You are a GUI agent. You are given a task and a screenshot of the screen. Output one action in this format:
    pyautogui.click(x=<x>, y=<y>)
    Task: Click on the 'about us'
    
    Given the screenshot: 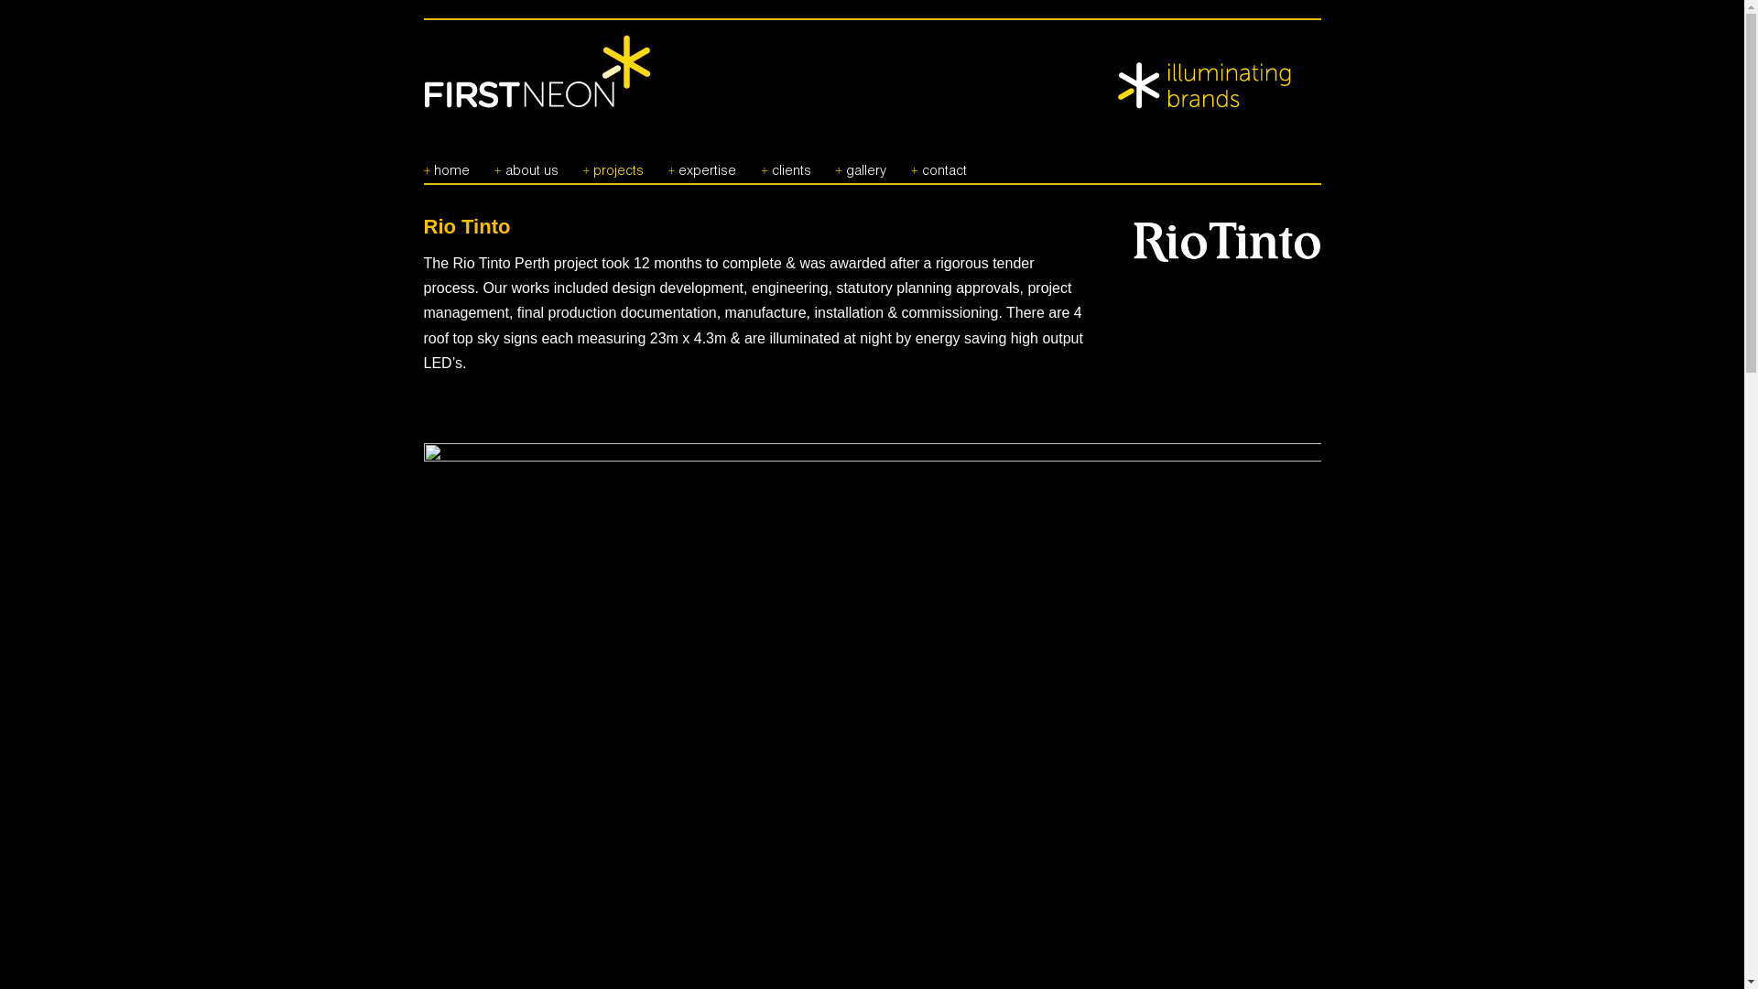 What is the action you would take?
    pyautogui.click(x=526, y=163)
    